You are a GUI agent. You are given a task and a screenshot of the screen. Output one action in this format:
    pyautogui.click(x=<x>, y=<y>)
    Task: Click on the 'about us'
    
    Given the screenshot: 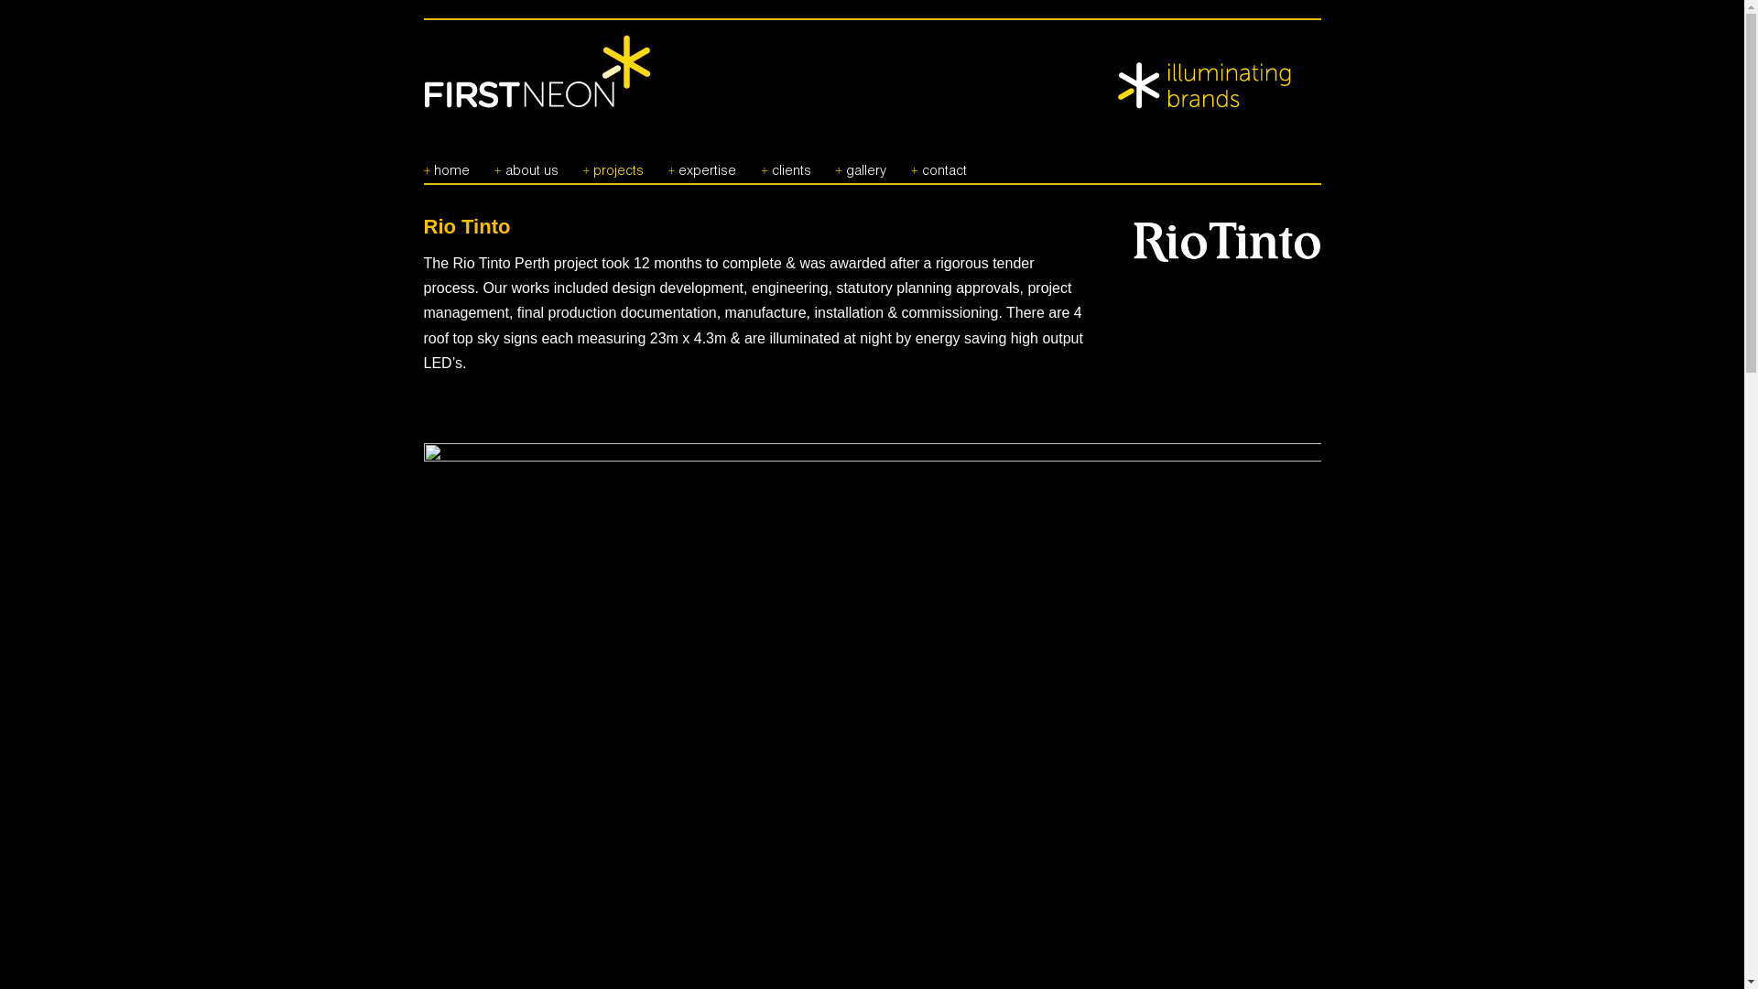 What is the action you would take?
    pyautogui.click(x=526, y=163)
    